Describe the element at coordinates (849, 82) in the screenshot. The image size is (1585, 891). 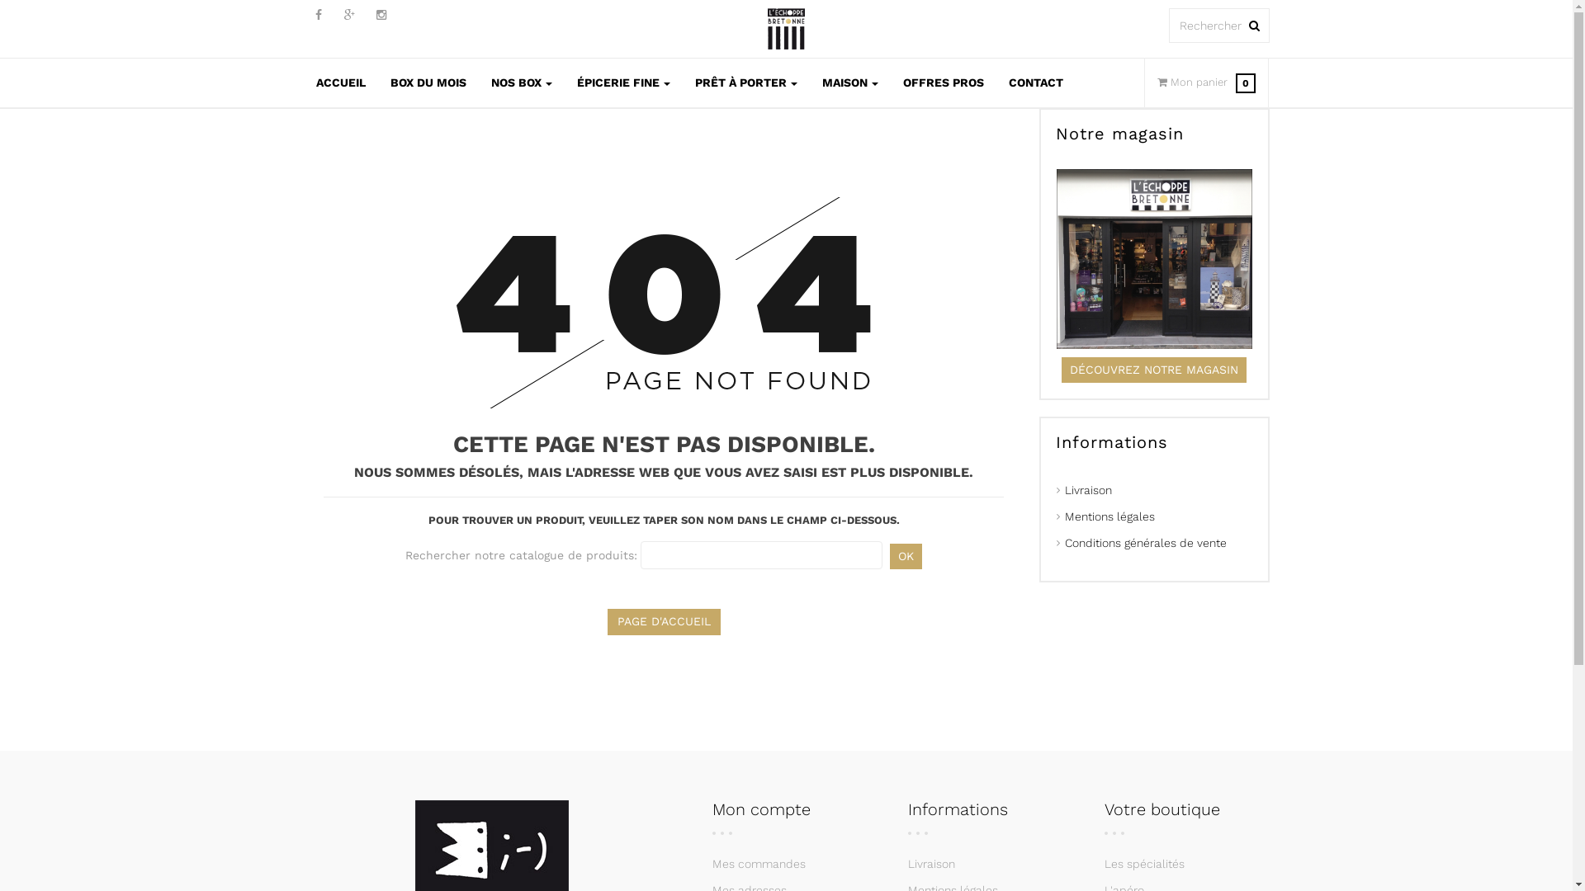
I see `'MAISON'` at that location.